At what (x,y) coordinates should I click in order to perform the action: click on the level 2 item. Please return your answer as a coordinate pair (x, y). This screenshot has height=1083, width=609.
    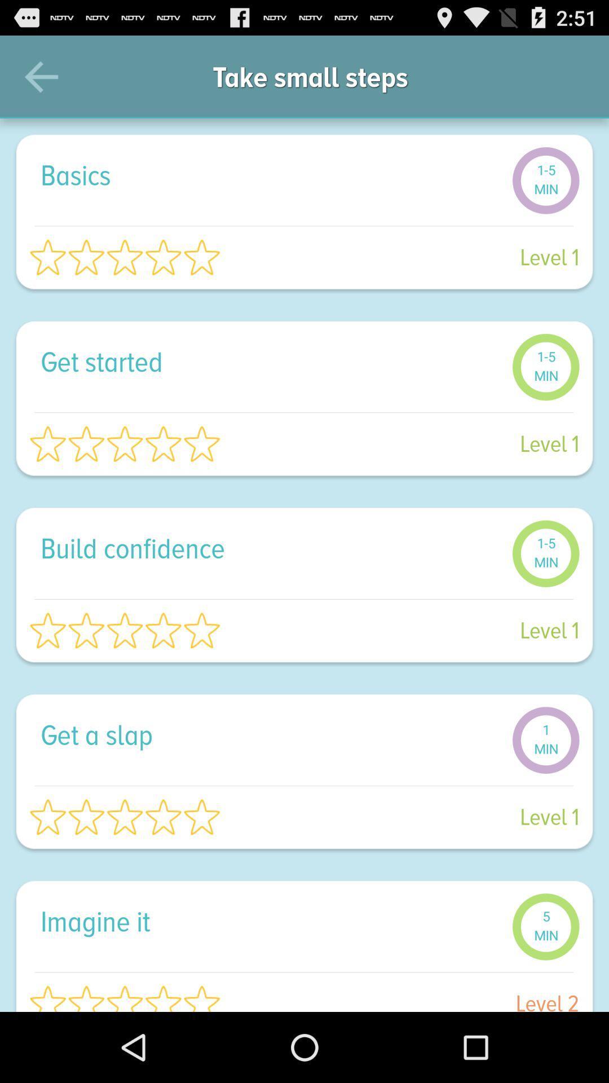
    Looking at the image, I should click on (406, 1001).